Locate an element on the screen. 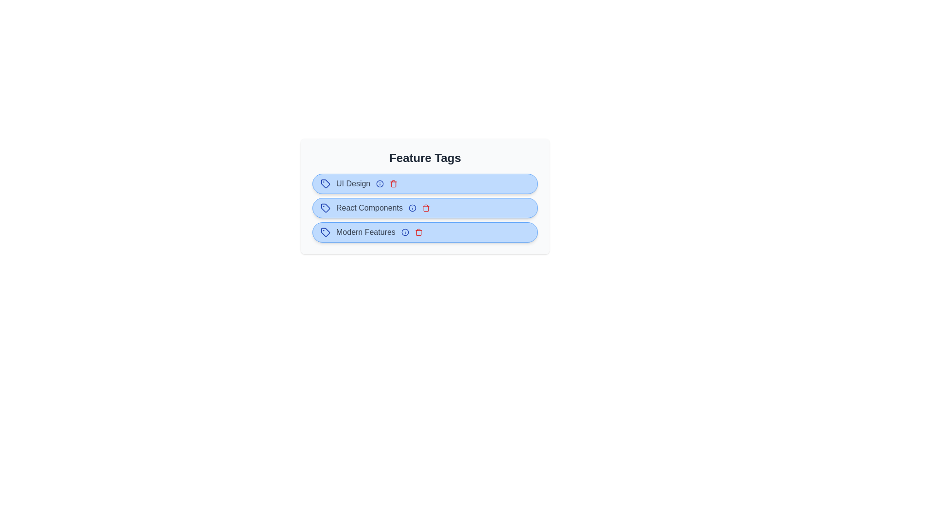 The image size is (933, 524). the info icon of the tag labeled UI Design to view its information is located at coordinates (380, 183).